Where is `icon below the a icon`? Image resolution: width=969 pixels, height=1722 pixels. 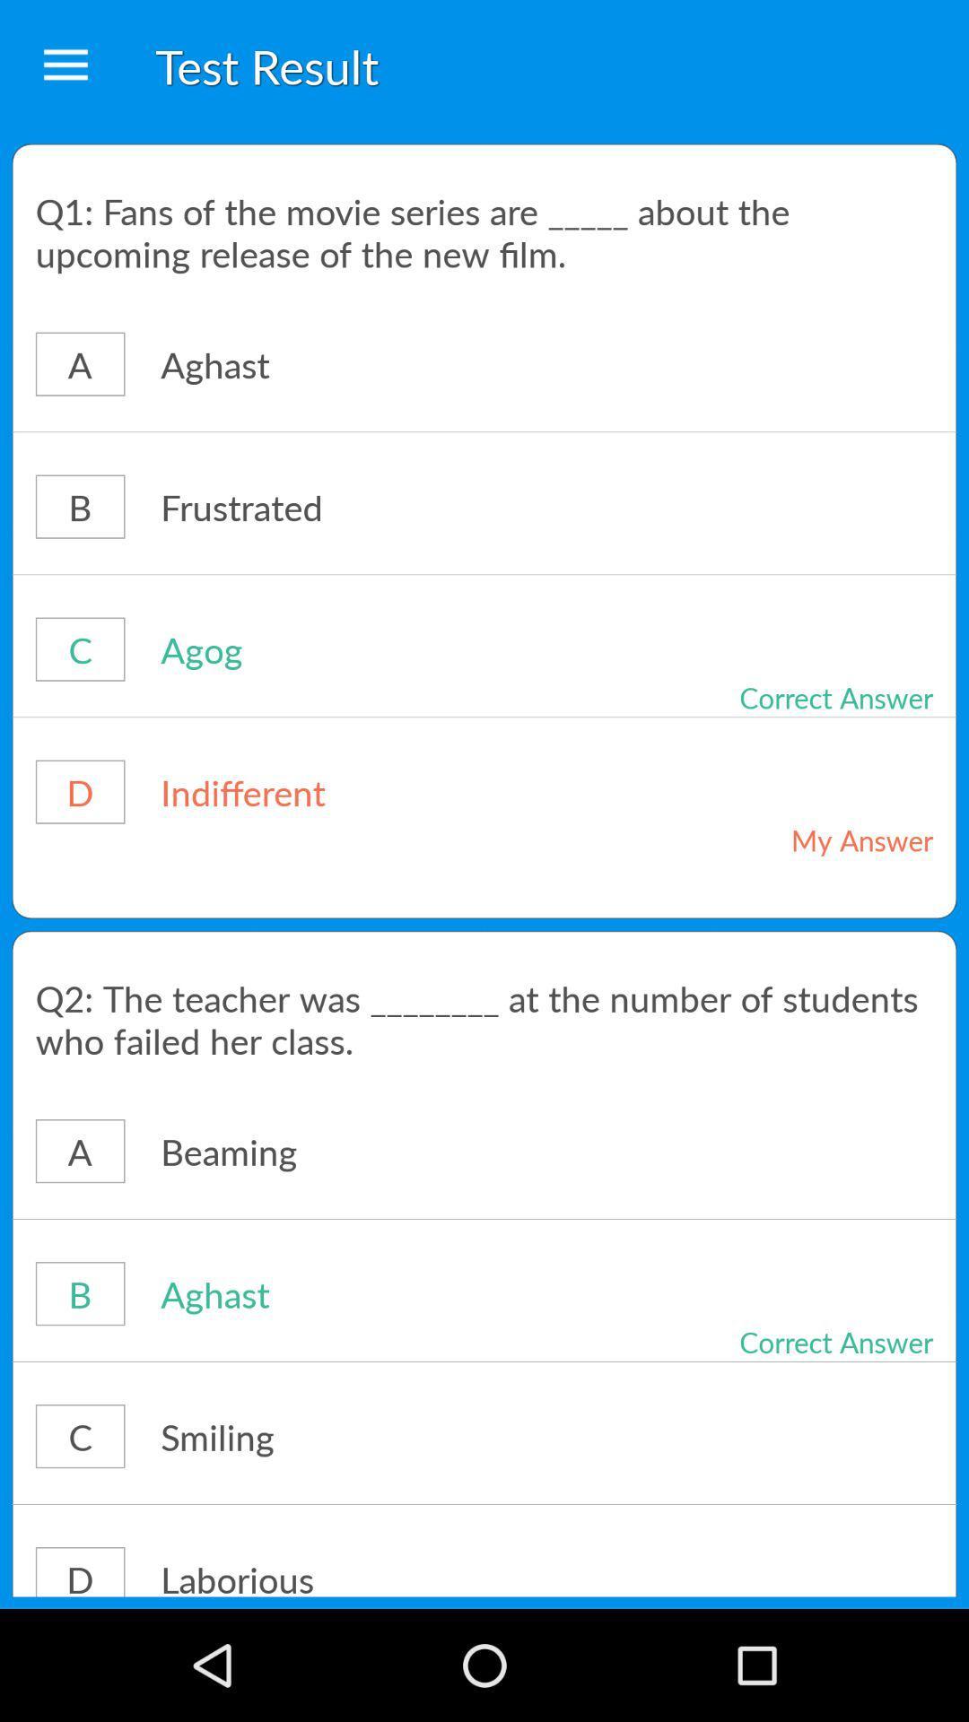 icon below the a icon is located at coordinates (484, 431).